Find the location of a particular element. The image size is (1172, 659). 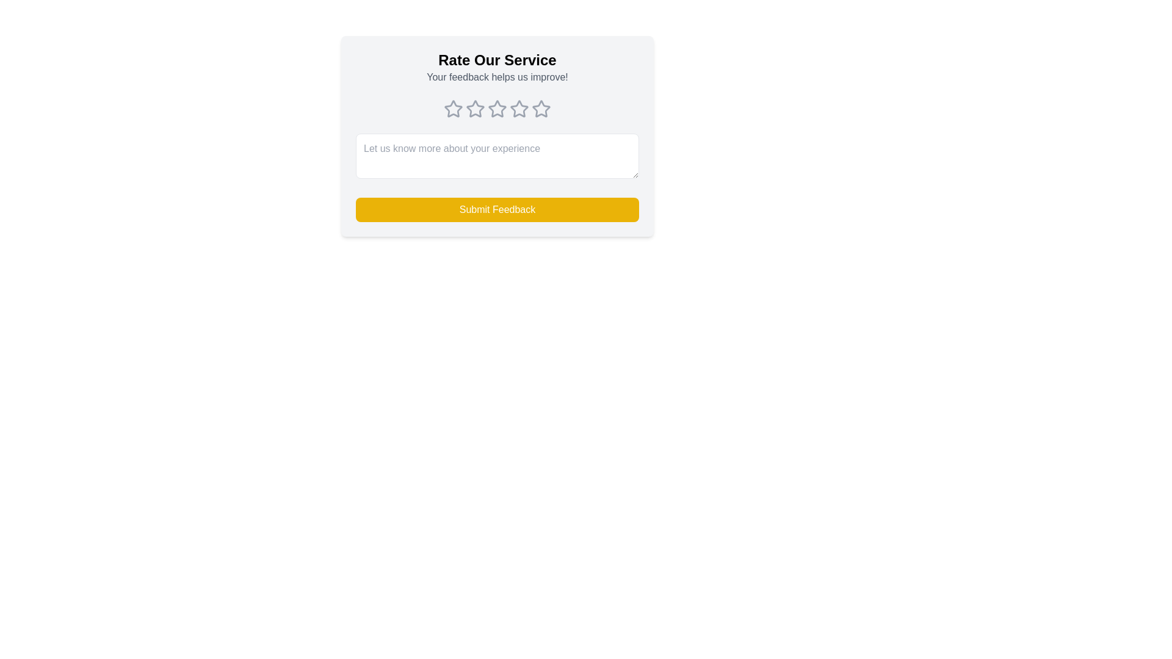

the third star in the rating system is located at coordinates (497, 108).